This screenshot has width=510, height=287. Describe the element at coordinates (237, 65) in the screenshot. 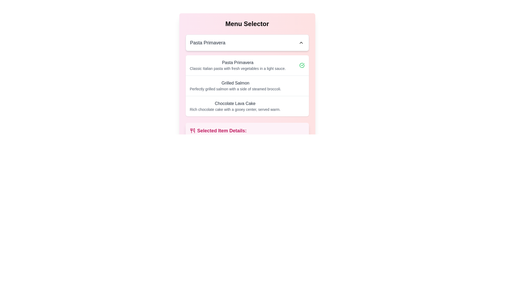

I see `the 'Pasta Primavera' menu item in the Menu Selector interface` at that location.